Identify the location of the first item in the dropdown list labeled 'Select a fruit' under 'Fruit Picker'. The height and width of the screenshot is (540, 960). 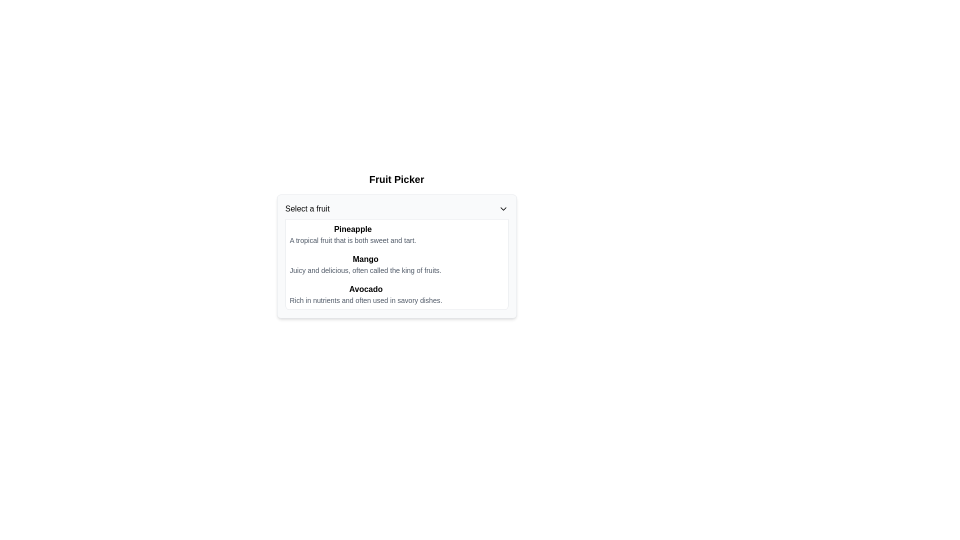
(352, 234).